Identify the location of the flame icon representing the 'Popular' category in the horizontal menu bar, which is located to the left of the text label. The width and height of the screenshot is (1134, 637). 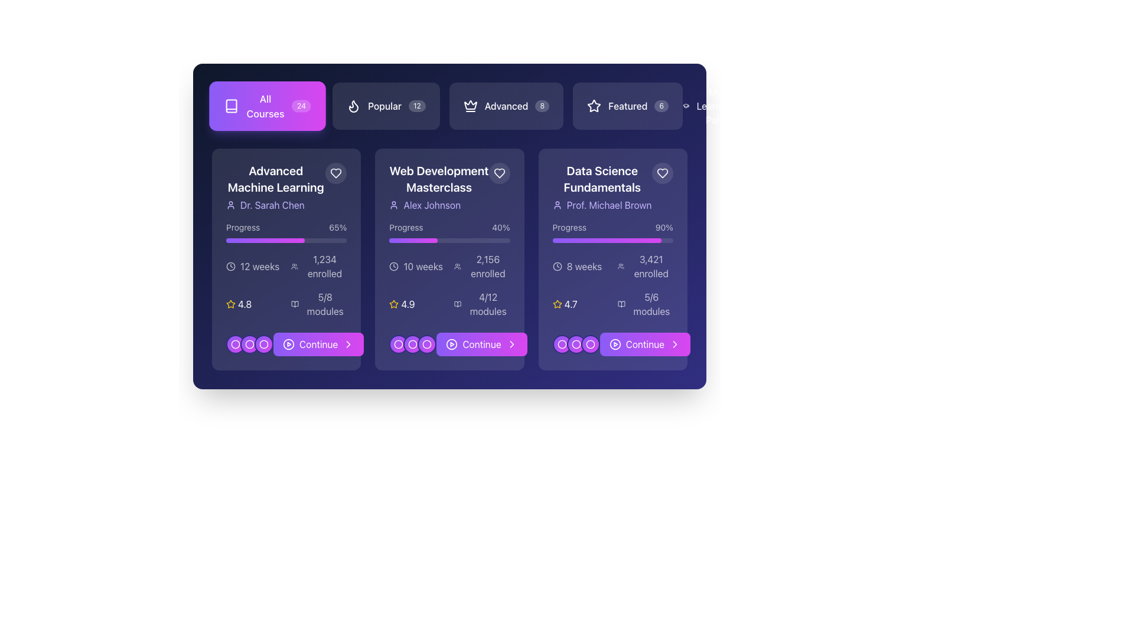
(353, 106).